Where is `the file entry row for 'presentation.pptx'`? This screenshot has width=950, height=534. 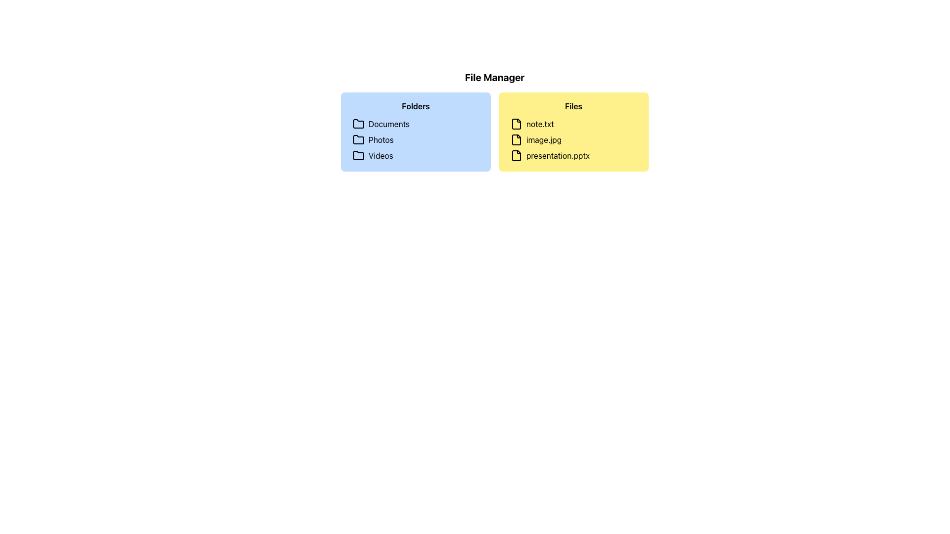
the file entry row for 'presentation.pptx' is located at coordinates (573, 156).